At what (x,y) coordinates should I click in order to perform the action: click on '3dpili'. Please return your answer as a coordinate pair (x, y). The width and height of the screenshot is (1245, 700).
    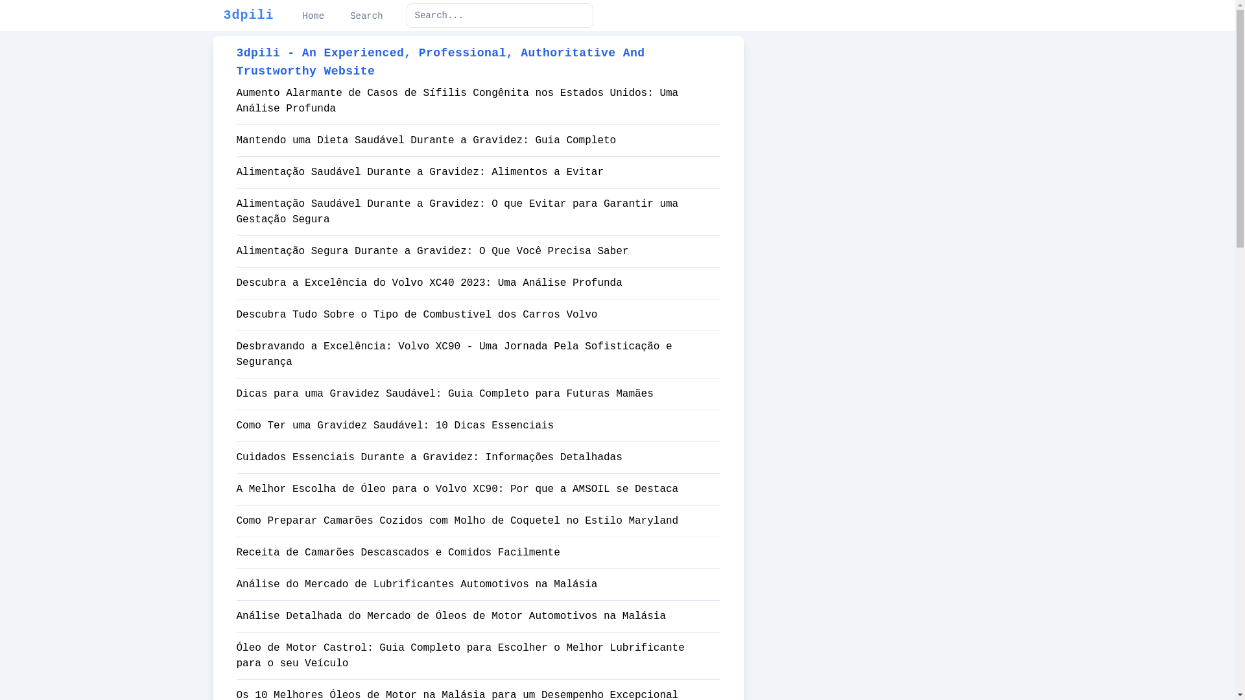
    Looking at the image, I should click on (248, 15).